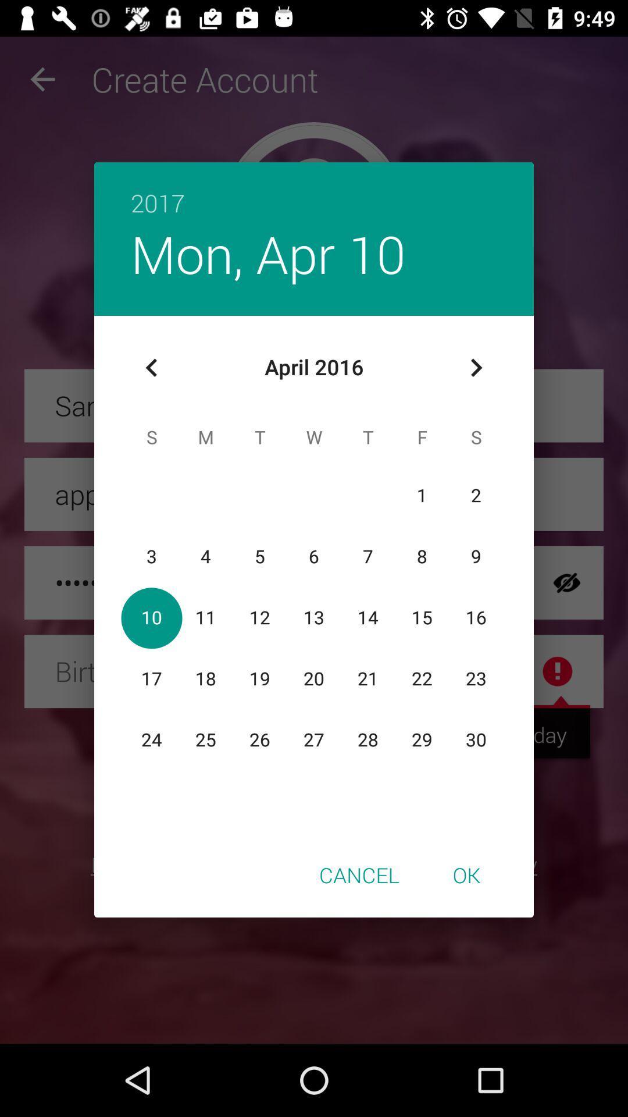 The height and width of the screenshot is (1117, 628). What do you see at coordinates (314, 191) in the screenshot?
I see `the item above mon, apr 10 icon` at bounding box center [314, 191].